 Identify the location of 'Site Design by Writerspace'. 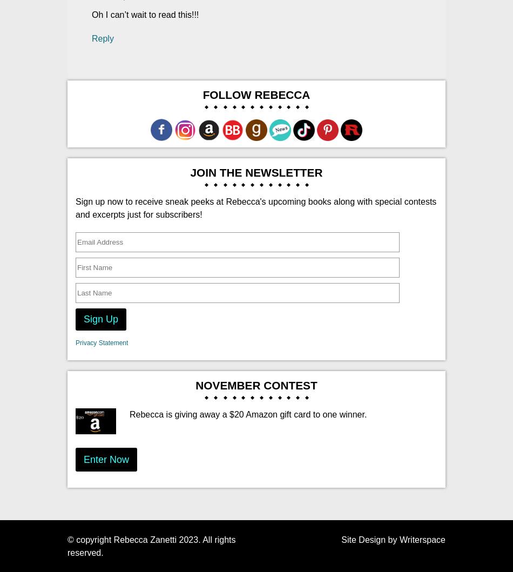
(393, 539).